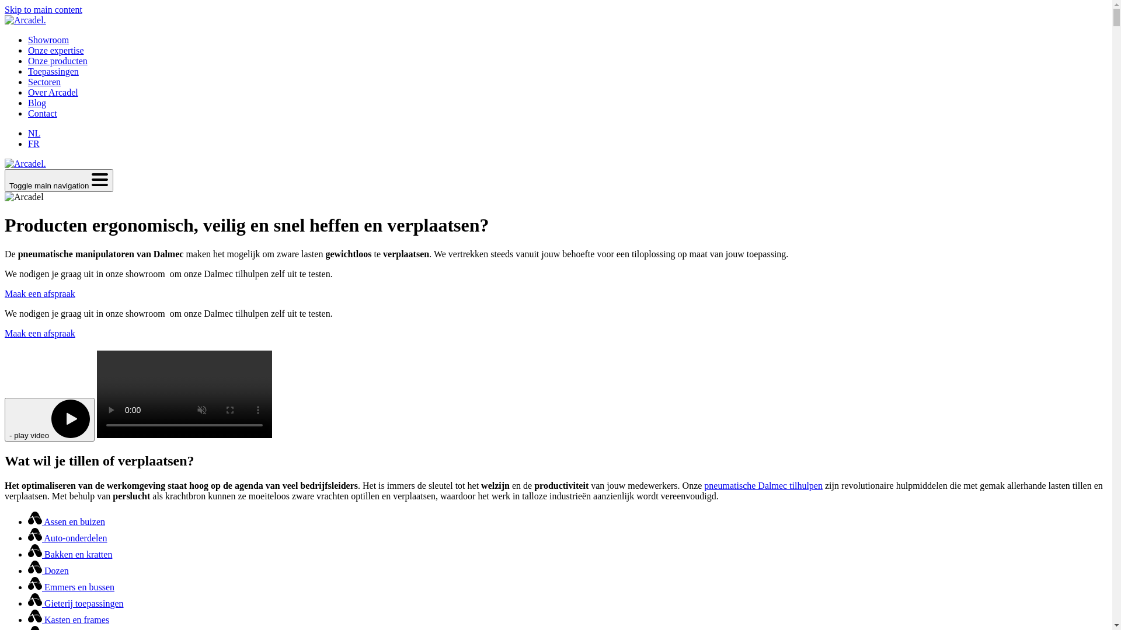 This screenshot has width=1121, height=630. What do you see at coordinates (28, 538) in the screenshot?
I see `'Auto-onderdelen'` at bounding box center [28, 538].